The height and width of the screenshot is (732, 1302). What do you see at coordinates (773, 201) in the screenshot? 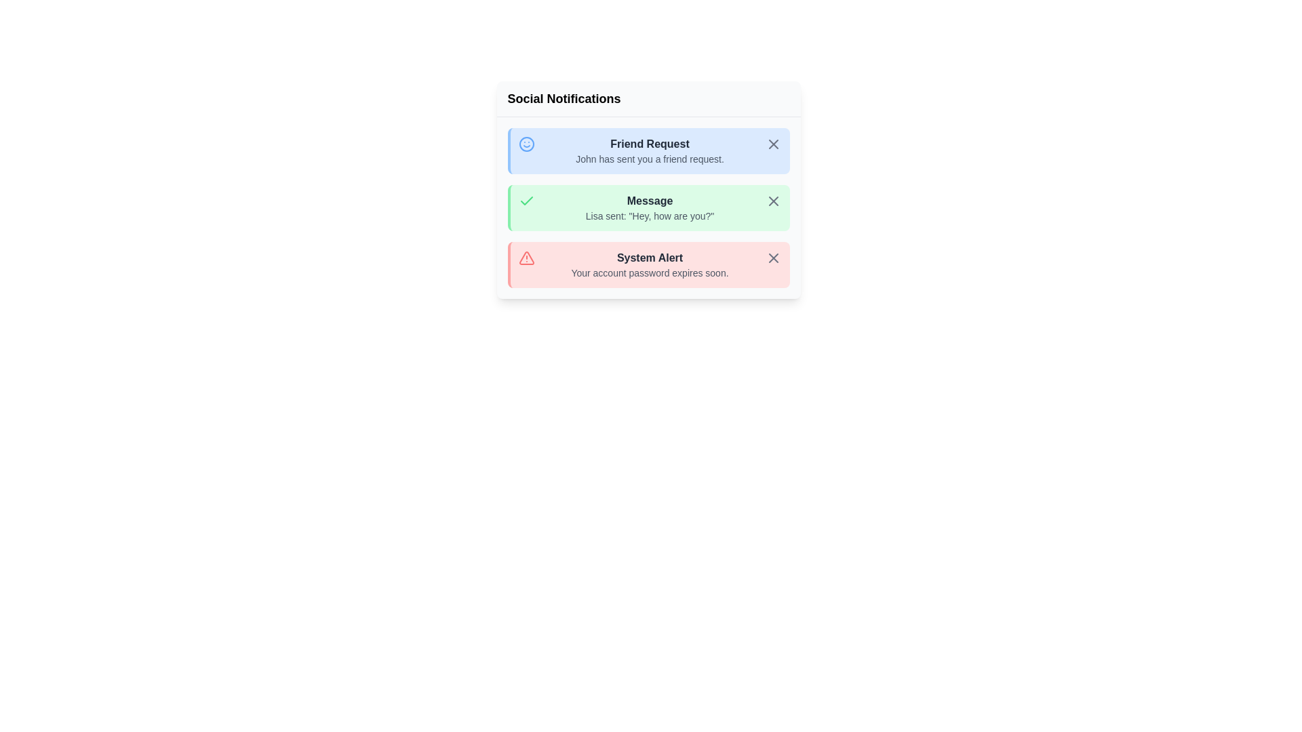
I see `the close icon button represented as 'X' styled in gray color located in the top-right corner of the 'Message' notification box to change its color` at bounding box center [773, 201].